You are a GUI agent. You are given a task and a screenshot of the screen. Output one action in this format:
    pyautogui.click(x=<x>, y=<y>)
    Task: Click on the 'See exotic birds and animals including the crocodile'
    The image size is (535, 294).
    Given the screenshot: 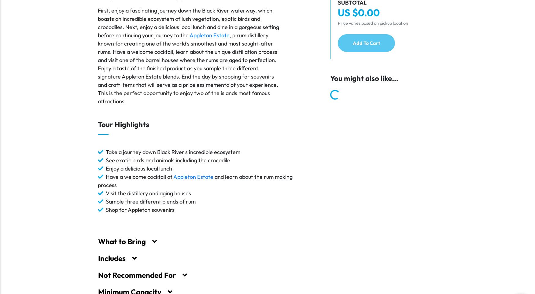 What is the action you would take?
    pyautogui.click(x=168, y=160)
    